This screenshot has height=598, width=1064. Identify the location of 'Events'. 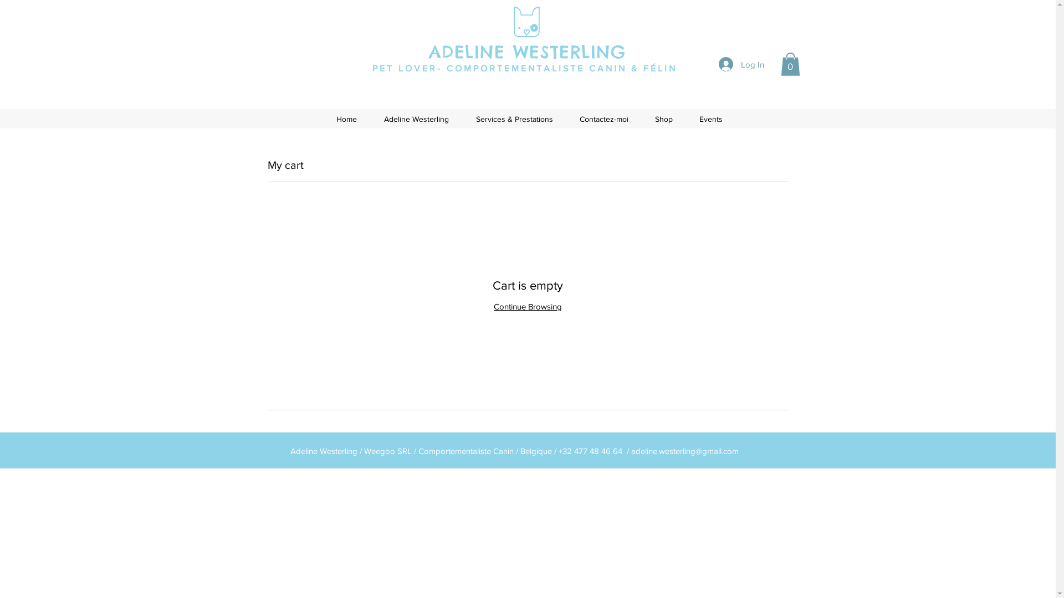
(710, 119).